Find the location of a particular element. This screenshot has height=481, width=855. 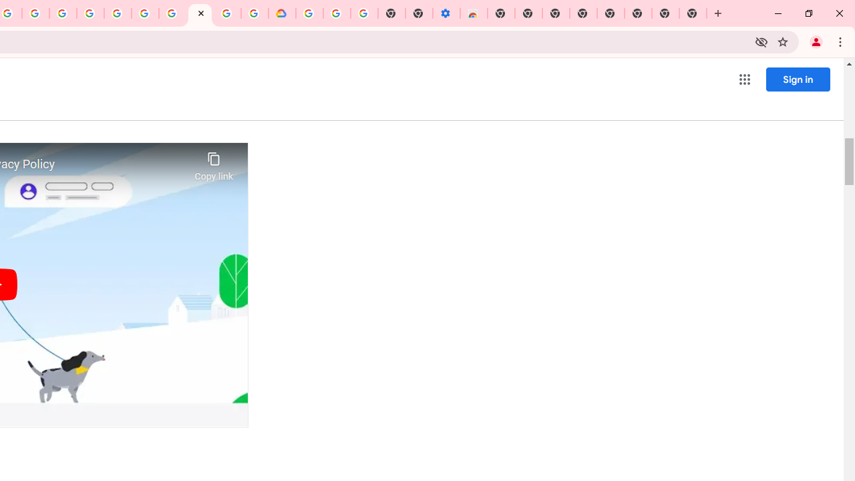

'Browse the Google Chrome Community - Google Chrome Community' is located at coordinates (254, 13).